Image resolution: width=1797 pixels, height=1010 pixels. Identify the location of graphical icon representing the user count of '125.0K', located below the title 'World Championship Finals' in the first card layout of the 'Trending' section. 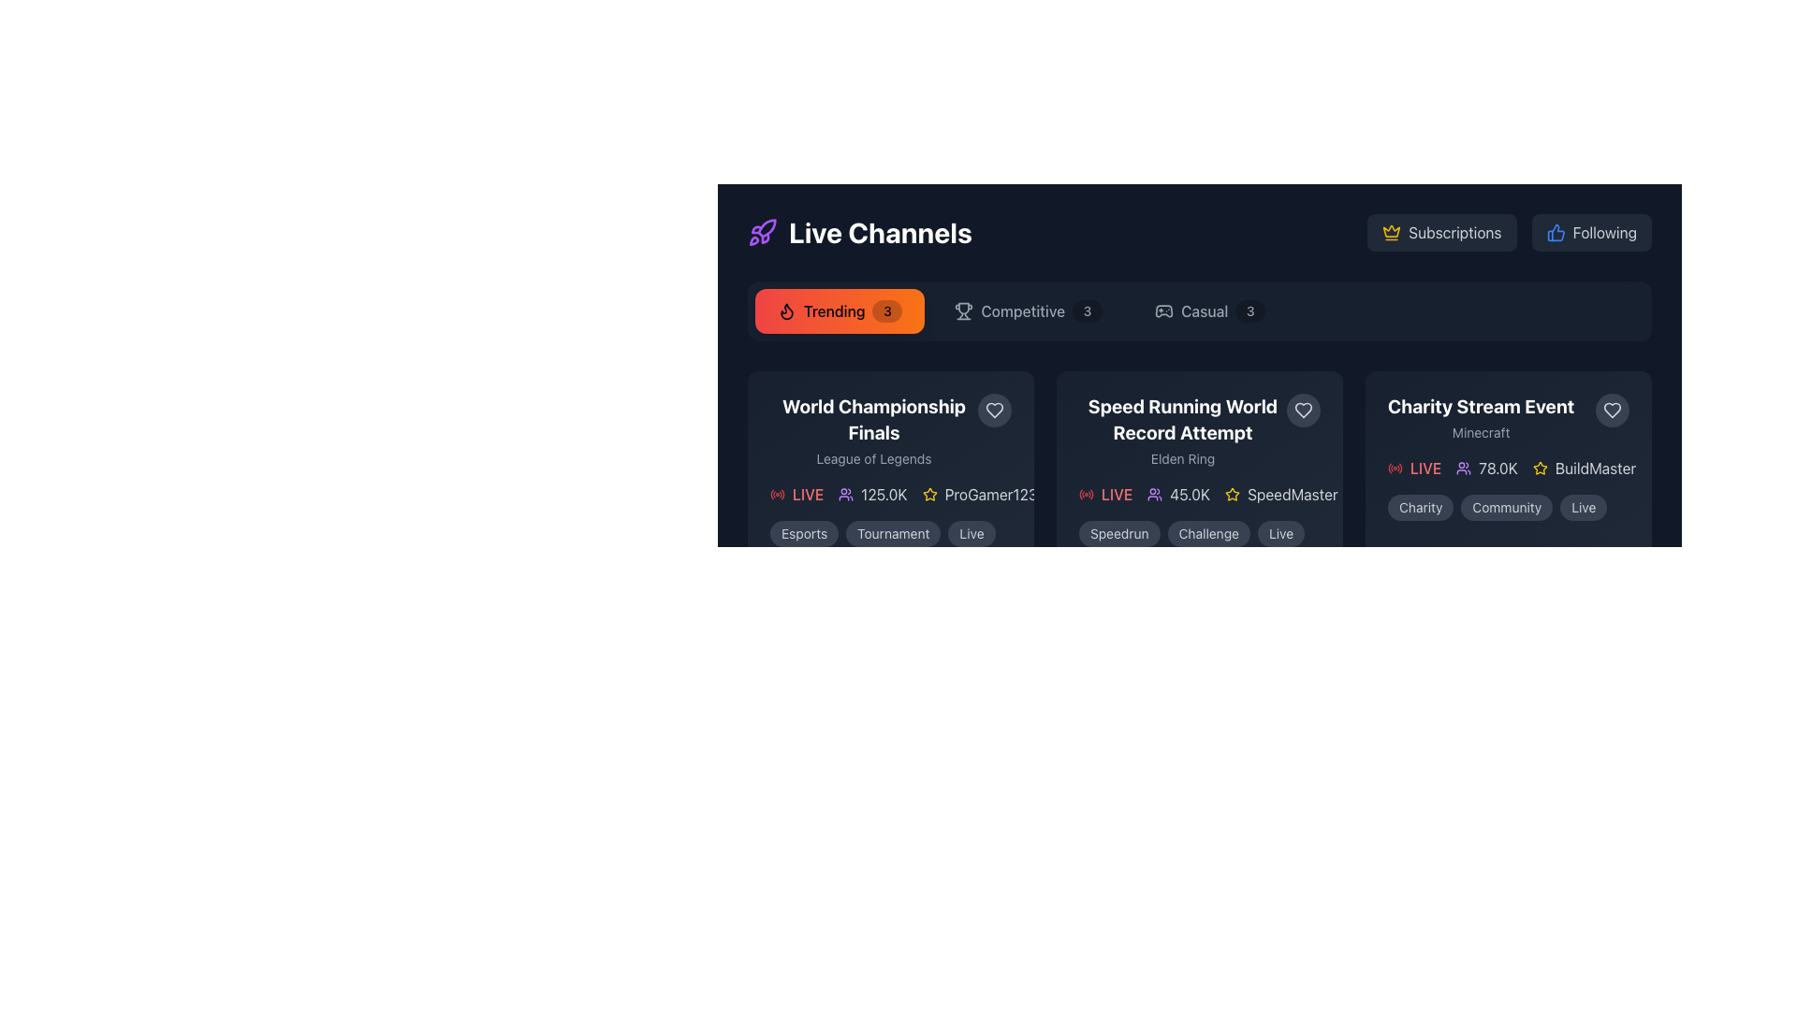
(845, 493).